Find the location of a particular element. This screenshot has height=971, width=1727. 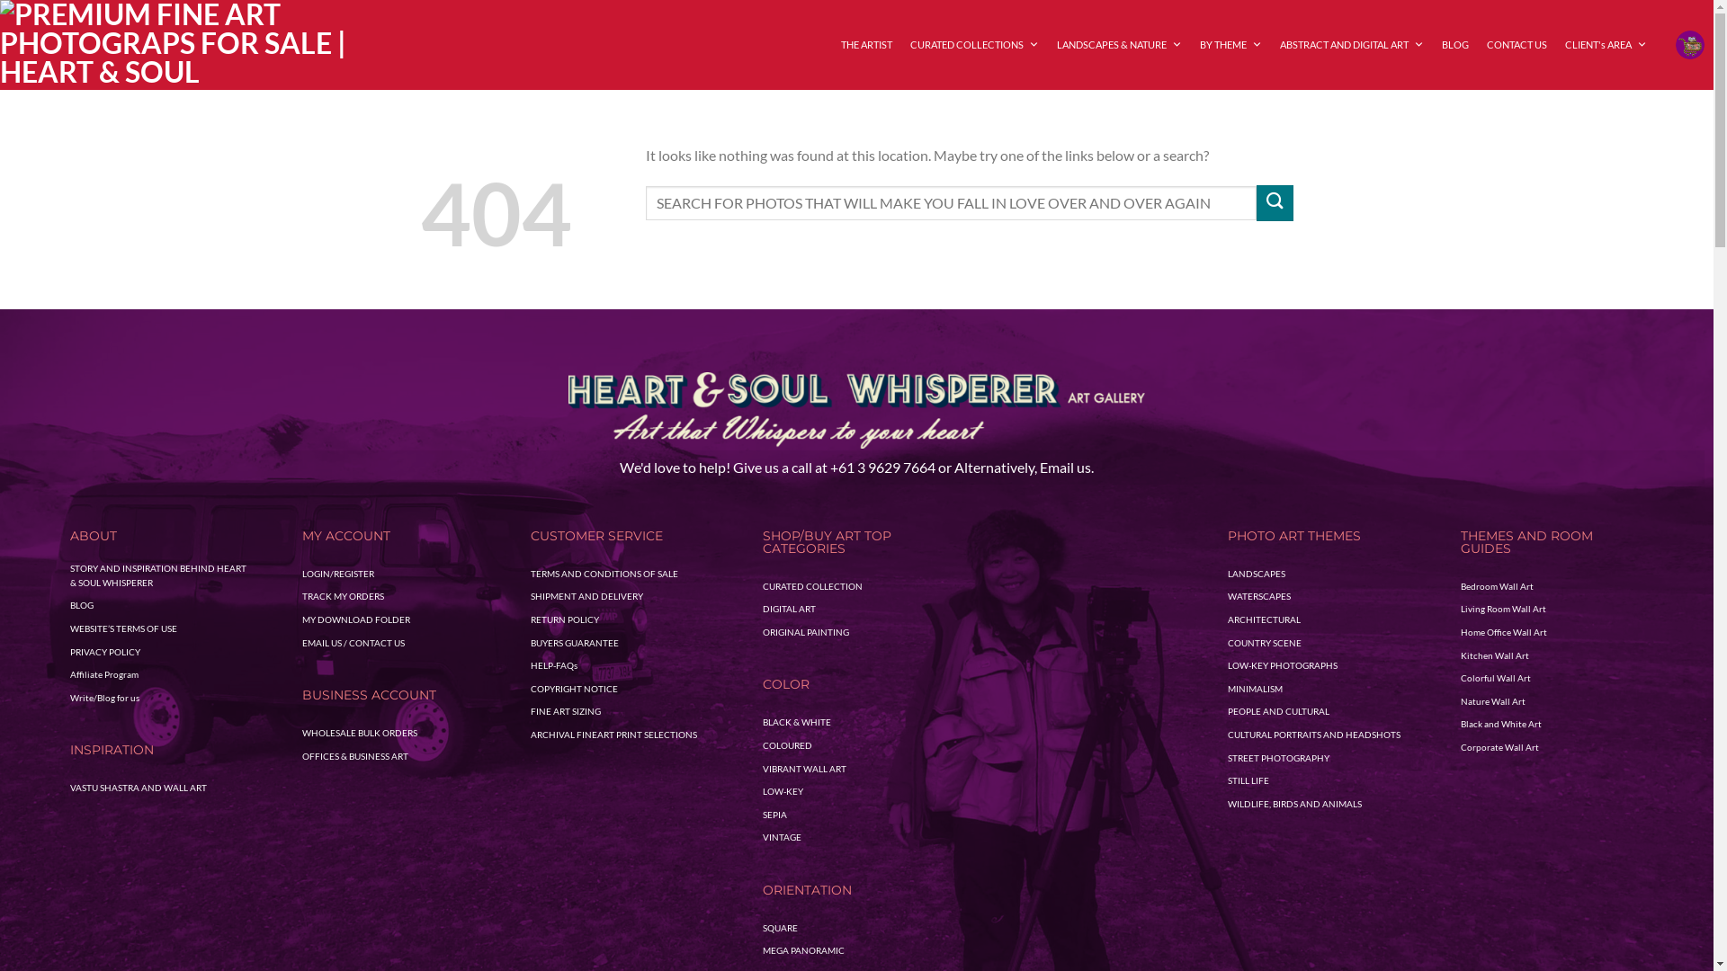

'BUYERS GUARANTEE' is located at coordinates (573, 641).